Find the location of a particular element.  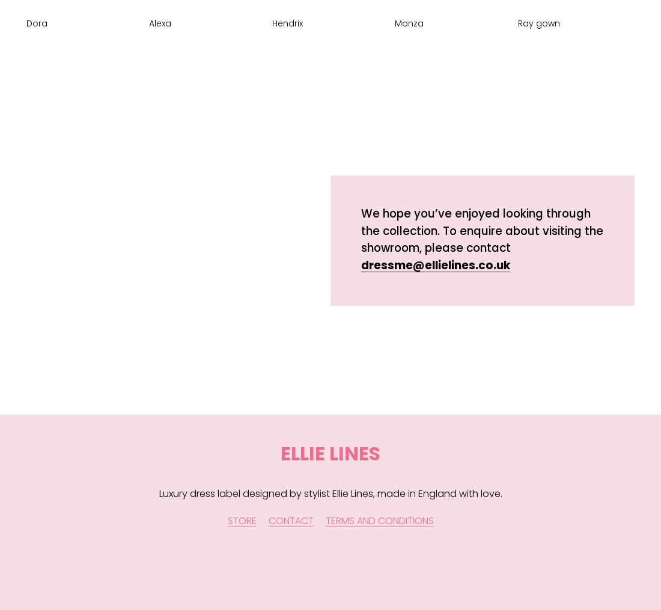

'CONTACT' is located at coordinates (290, 520).